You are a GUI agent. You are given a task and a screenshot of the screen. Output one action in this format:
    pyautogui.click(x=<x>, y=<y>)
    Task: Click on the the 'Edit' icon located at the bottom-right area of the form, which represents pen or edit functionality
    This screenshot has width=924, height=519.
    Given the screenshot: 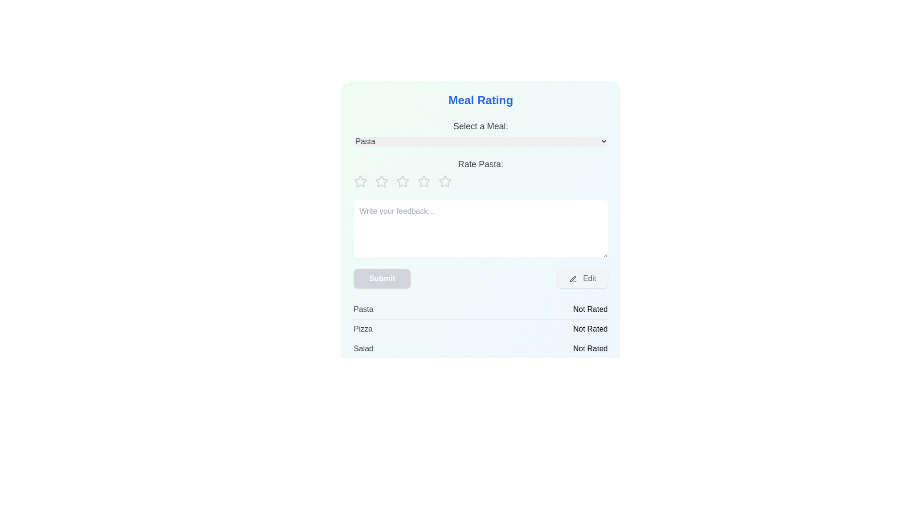 What is the action you would take?
    pyautogui.click(x=573, y=279)
    